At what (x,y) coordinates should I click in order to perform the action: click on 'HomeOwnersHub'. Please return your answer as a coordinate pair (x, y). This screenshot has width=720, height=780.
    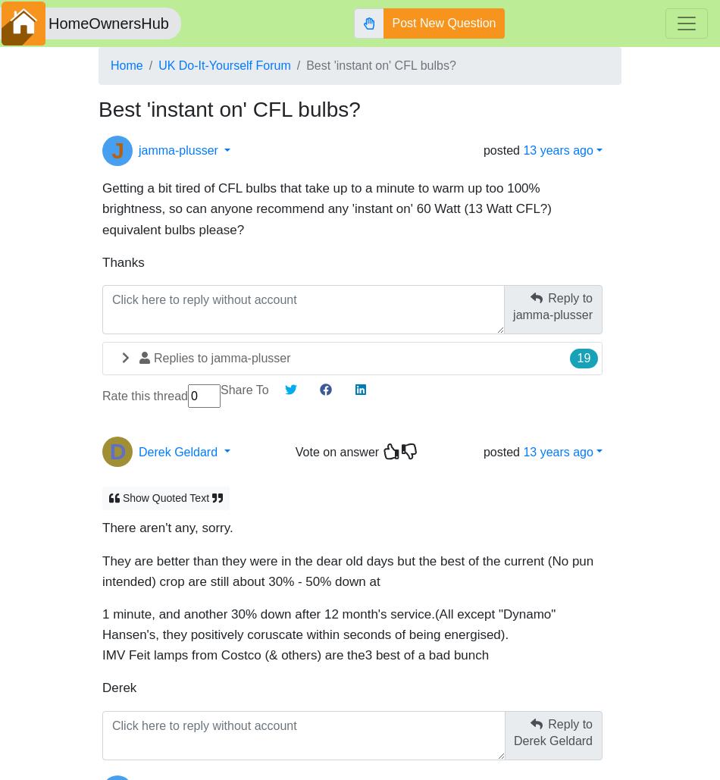
    Looking at the image, I should click on (108, 23).